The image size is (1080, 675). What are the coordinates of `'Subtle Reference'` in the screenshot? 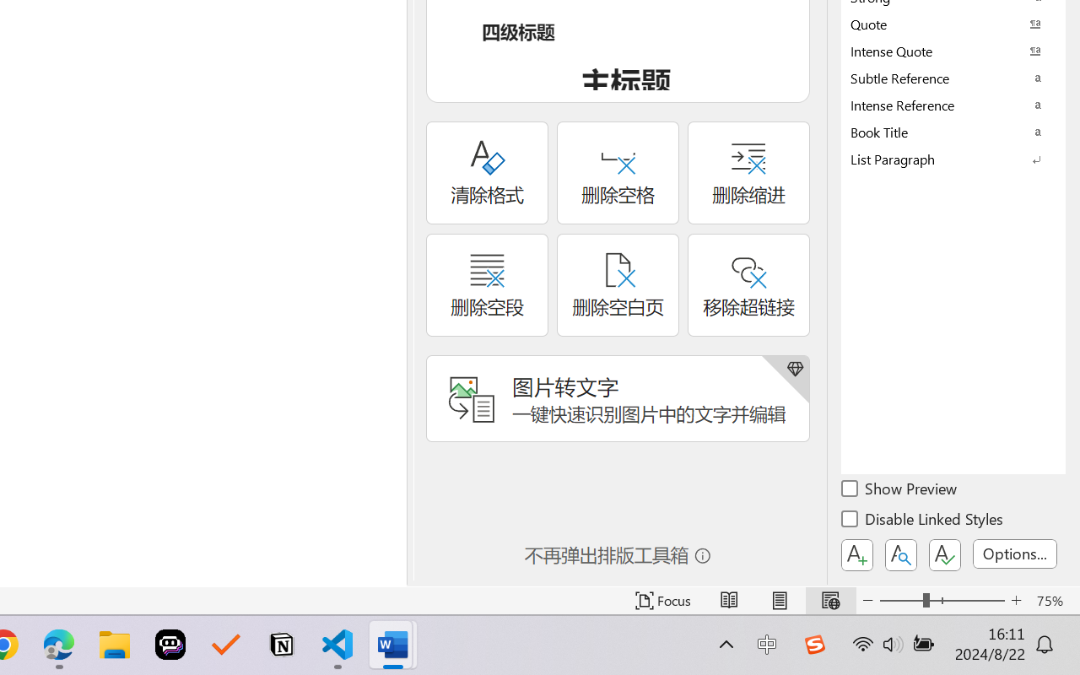 It's located at (953, 78).